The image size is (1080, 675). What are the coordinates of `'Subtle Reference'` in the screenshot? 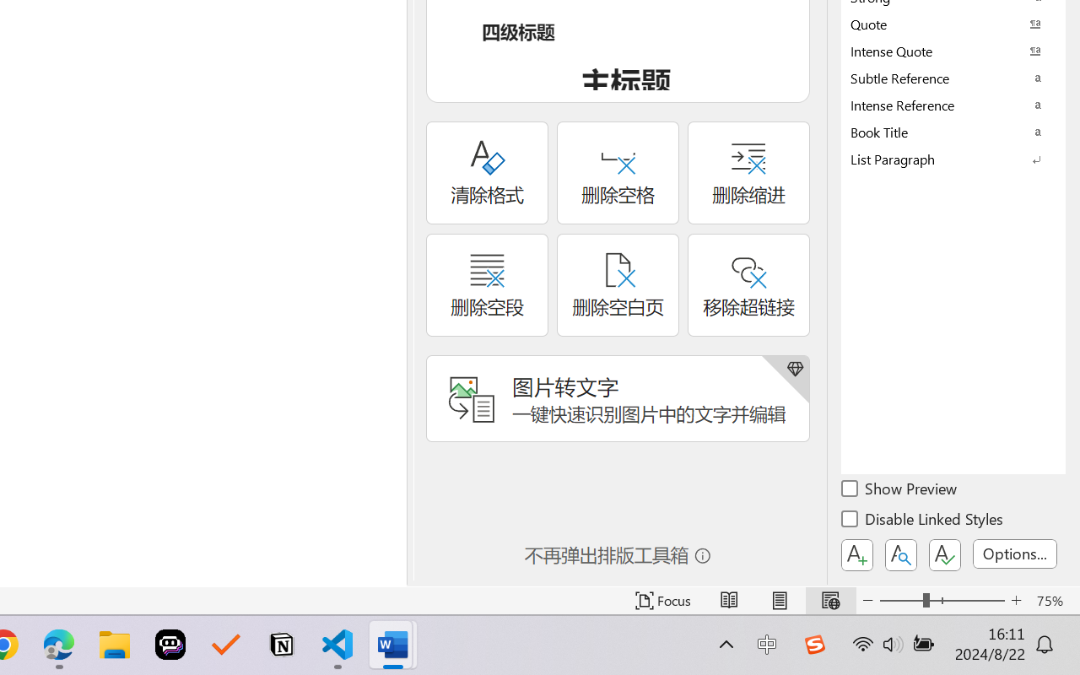 It's located at (953, 78).